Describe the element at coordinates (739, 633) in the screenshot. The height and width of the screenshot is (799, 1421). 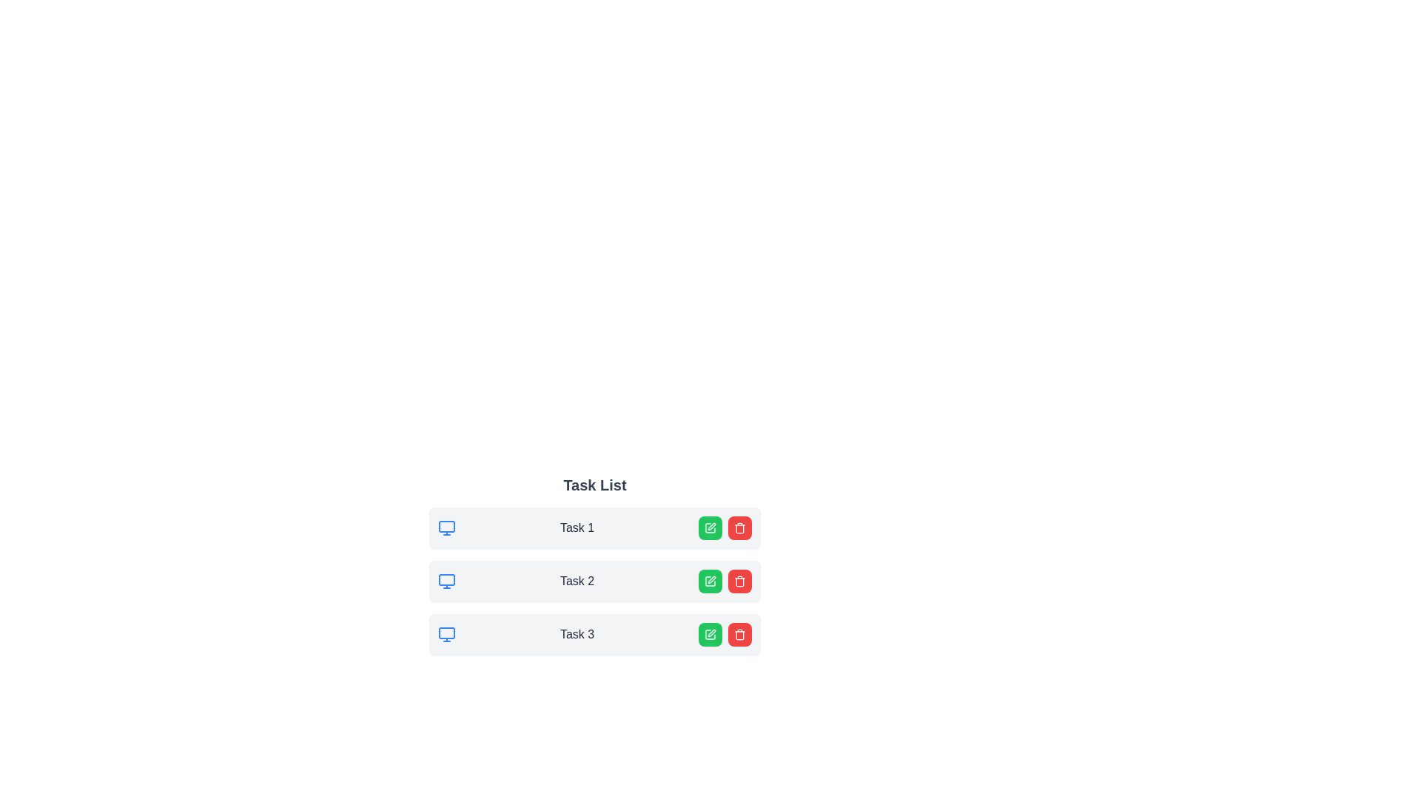
I see `the red trash icon button in the last column of the third row` at that location.